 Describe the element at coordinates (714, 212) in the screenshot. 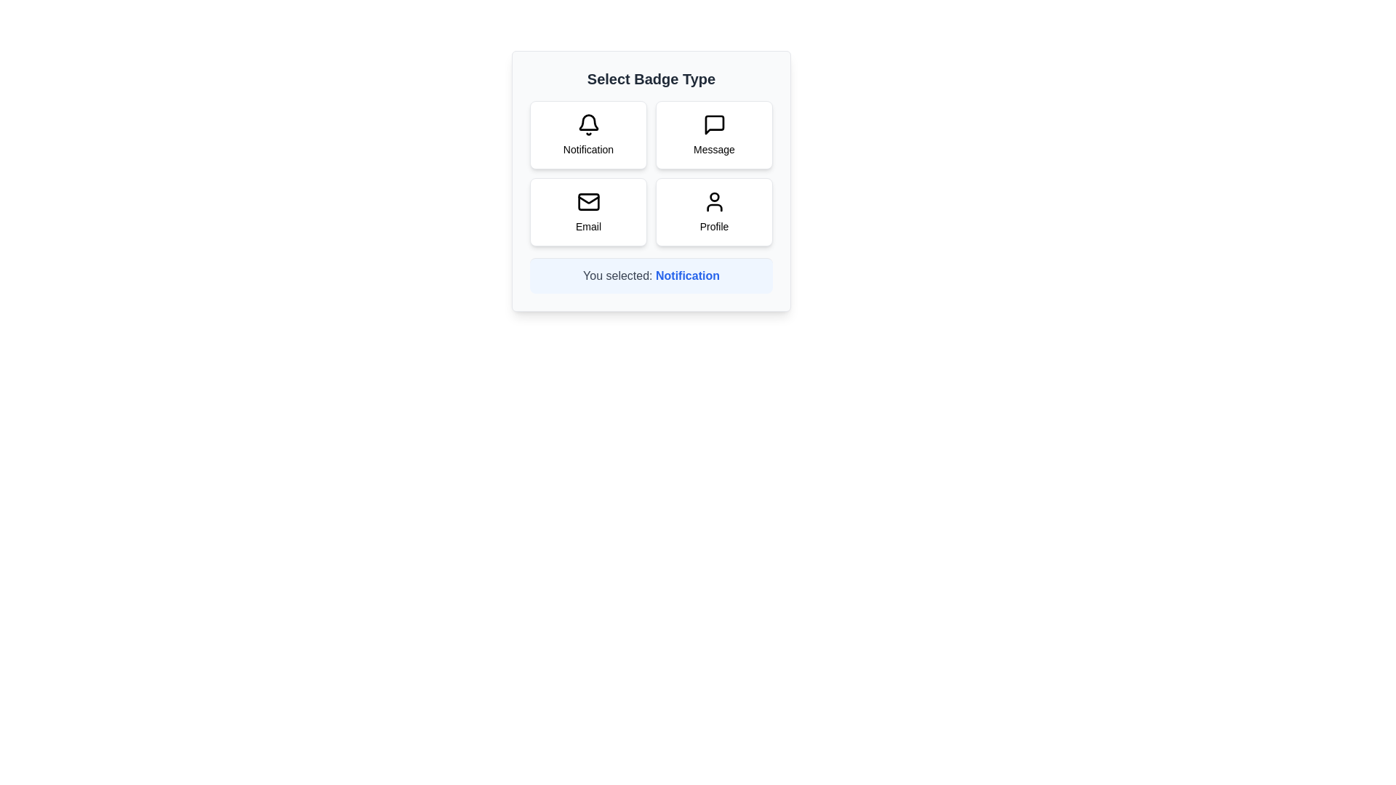

I see `the badge button labeled Profile to select it` at that location.